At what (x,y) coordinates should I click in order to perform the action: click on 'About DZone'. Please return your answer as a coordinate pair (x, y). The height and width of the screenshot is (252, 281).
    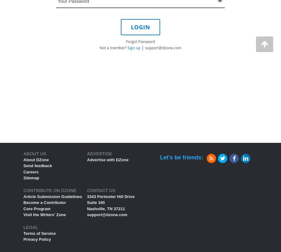
    Looking at the image, I should click on (36, 159).